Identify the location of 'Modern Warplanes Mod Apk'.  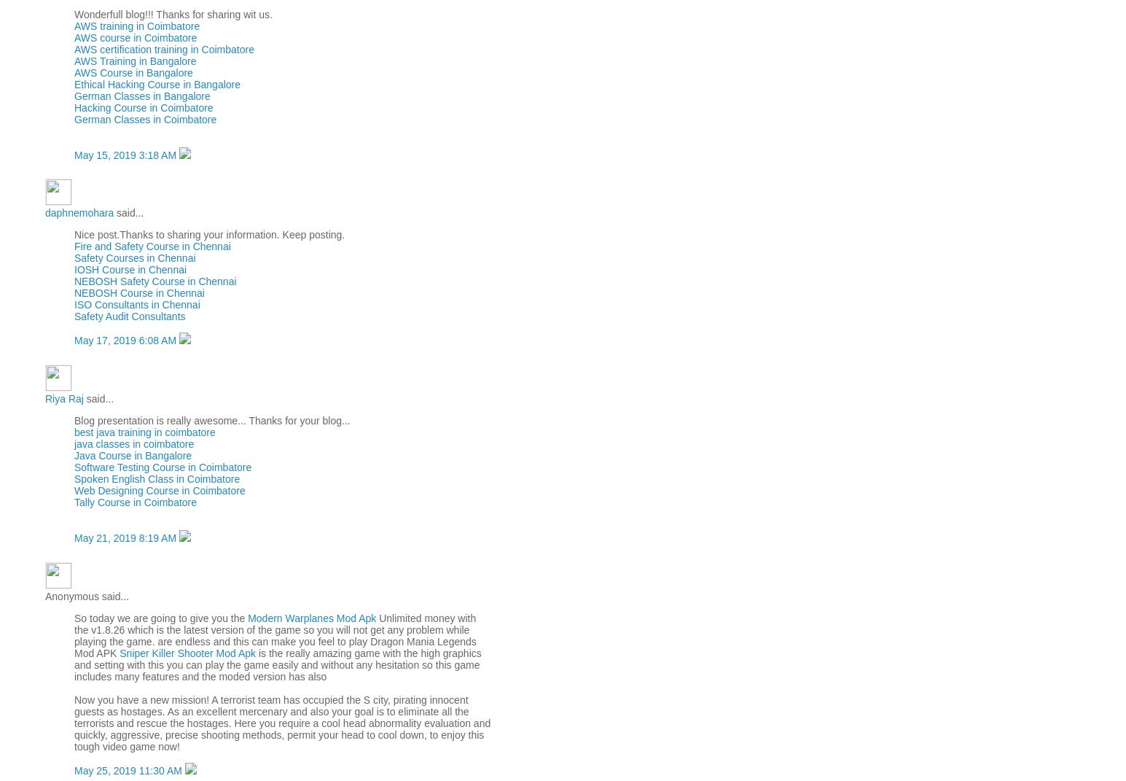
(312, 617).